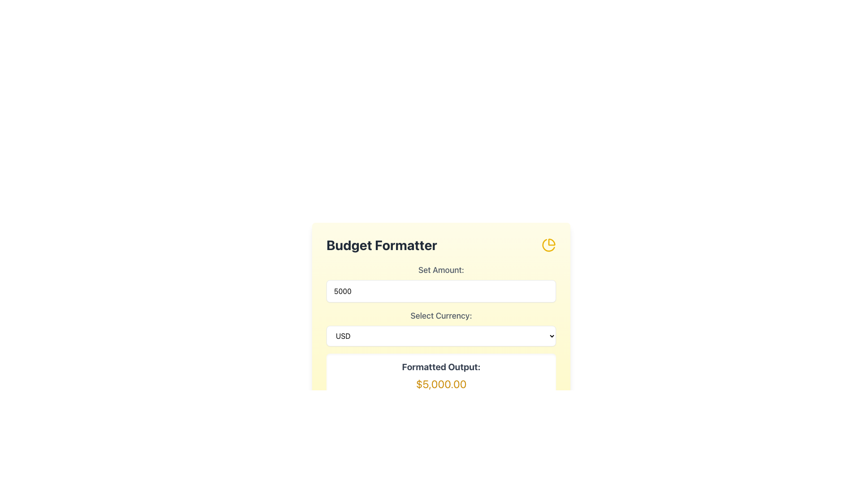  Describe the element at coordinates (551, 242) in the screenshot. I see `the yellow decorative segment of the pie chart icon located in the upper-right section of the 'Budget Formatter' interface` at that location.